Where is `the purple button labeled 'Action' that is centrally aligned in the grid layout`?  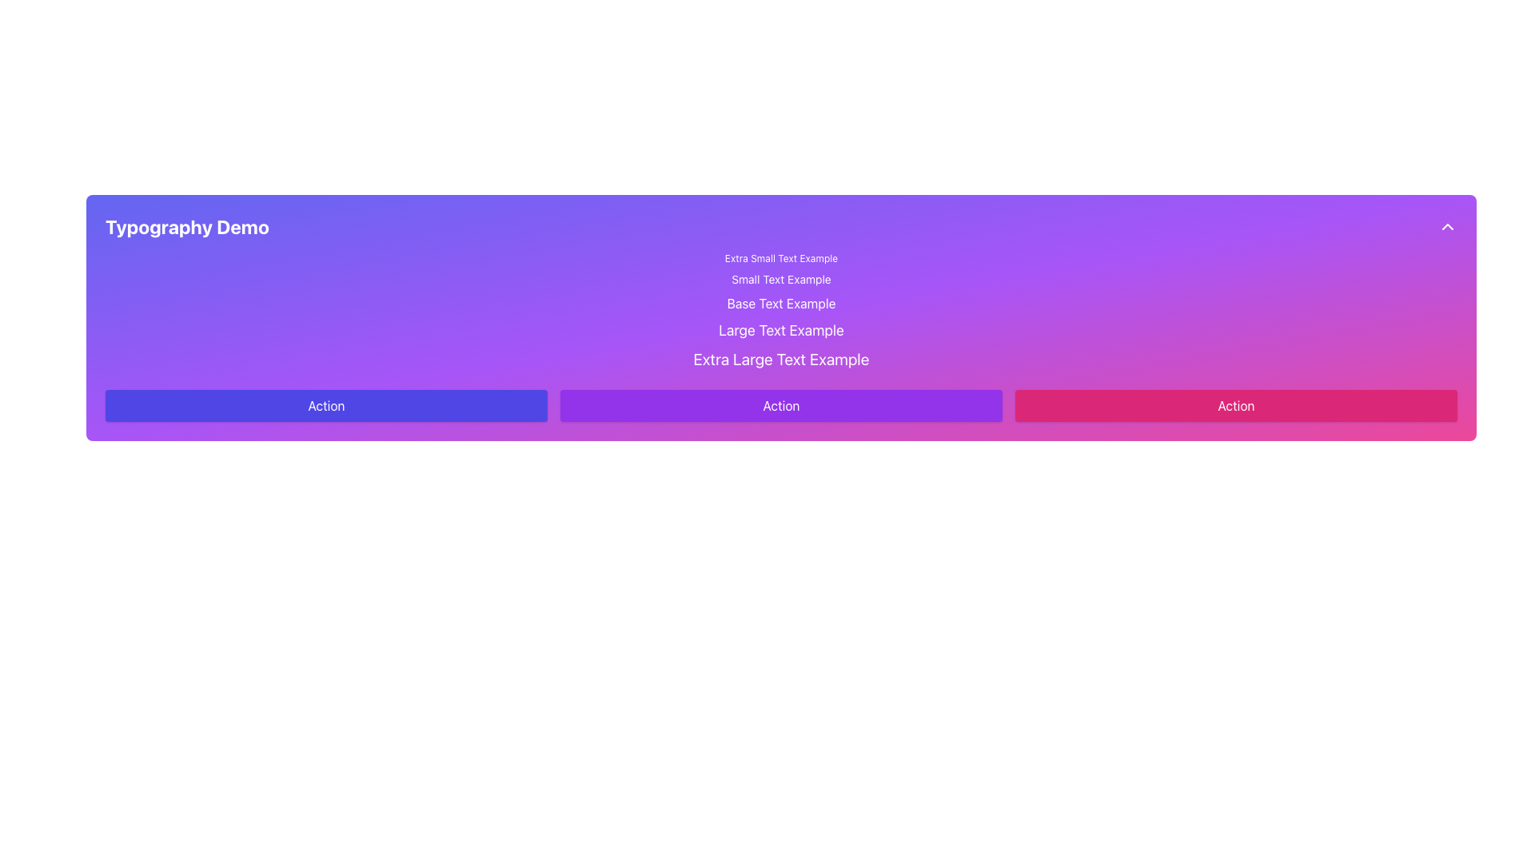
the purple button labeled 'Action' that is centrally aligned in the grid layout is located at coordinates (781, 405).